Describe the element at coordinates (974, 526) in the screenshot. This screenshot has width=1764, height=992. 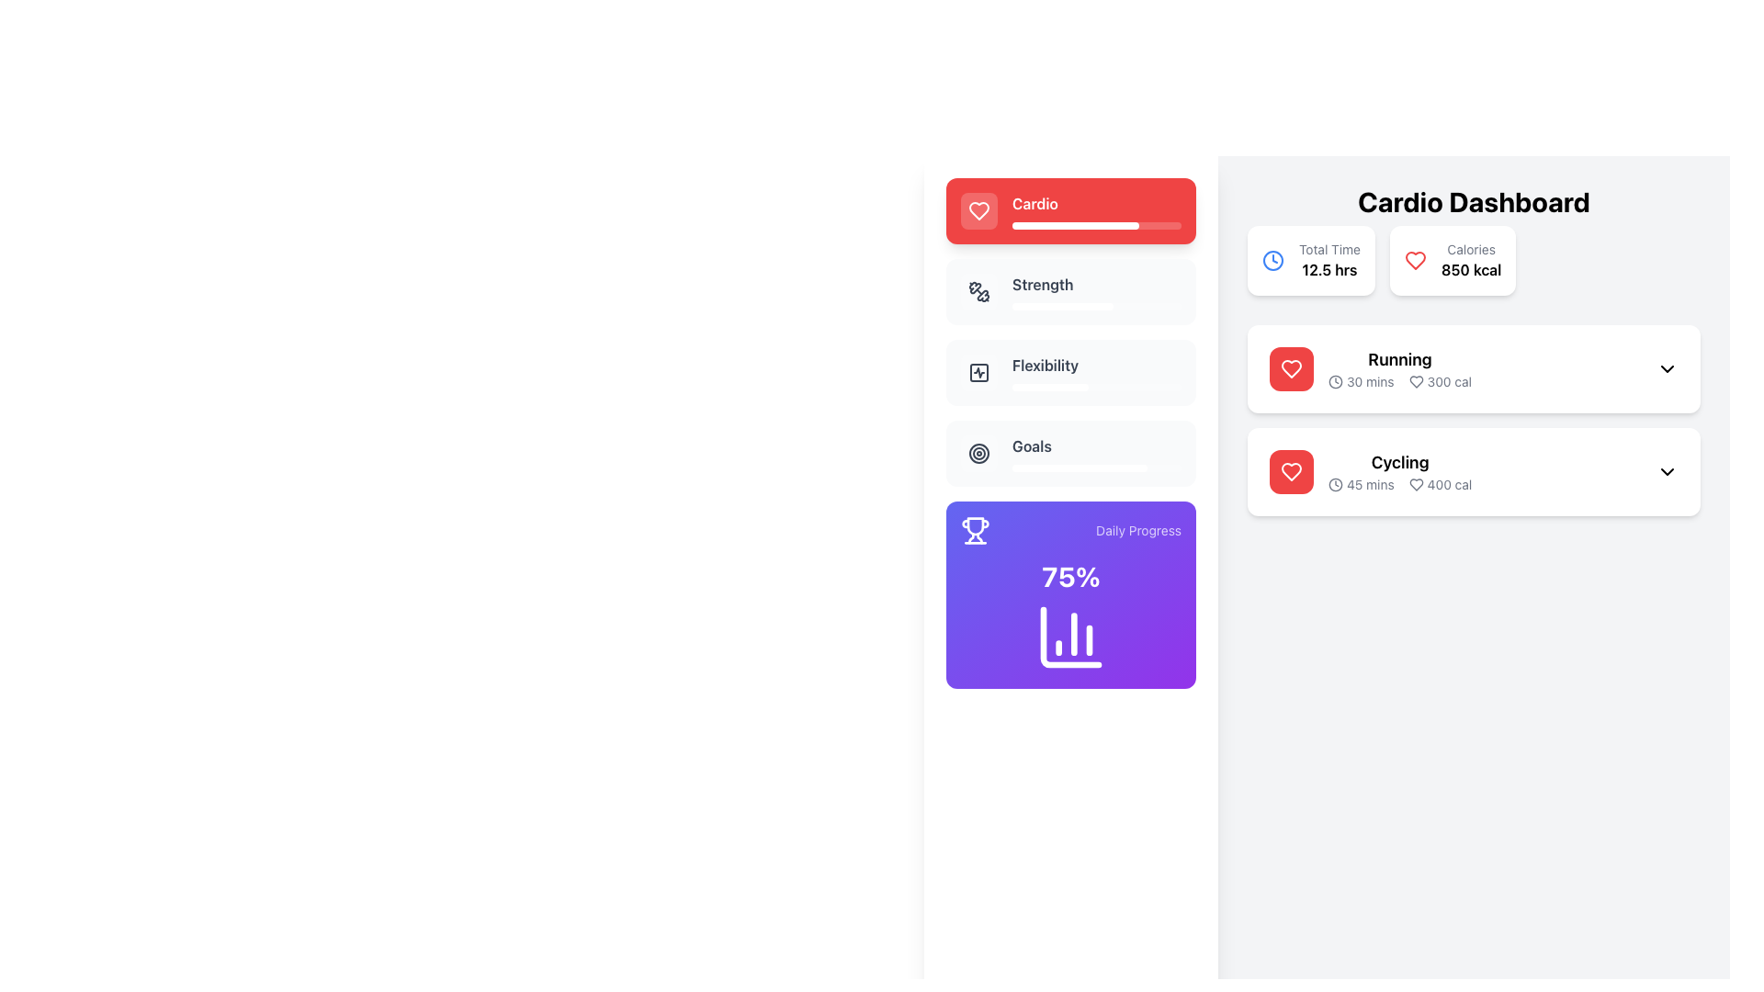
I see `the trophy cup icon that represents achievements, located centrally among similar graphical components` at that location.